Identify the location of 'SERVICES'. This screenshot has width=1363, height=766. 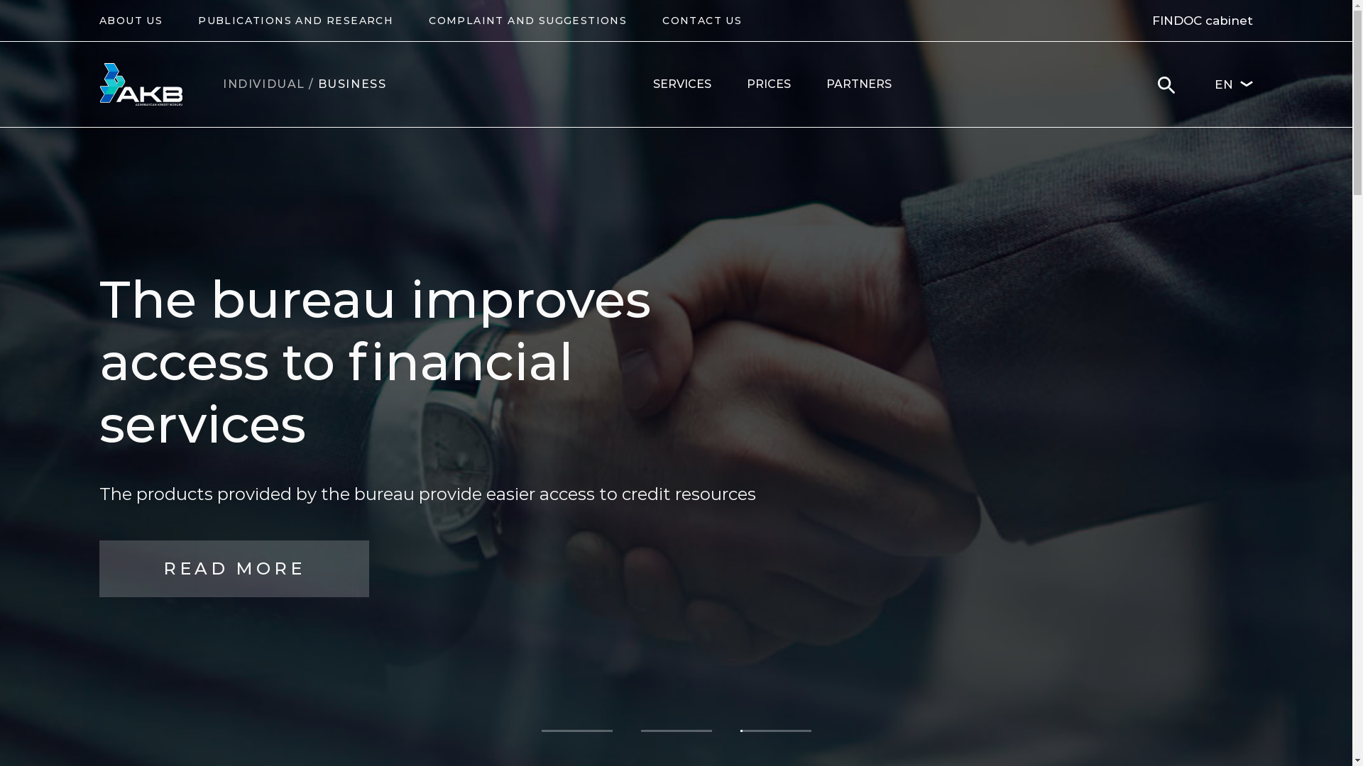
(681, 84).